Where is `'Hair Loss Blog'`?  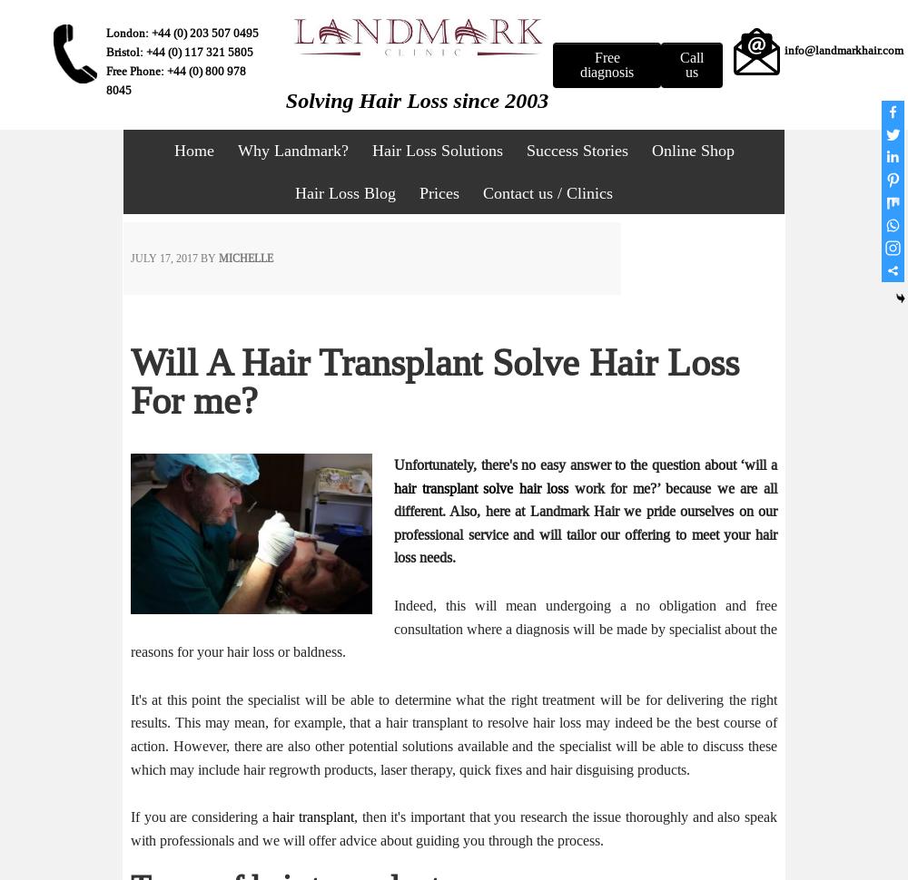
'Hair Loss Blog' is located at coordinates (345, 193).